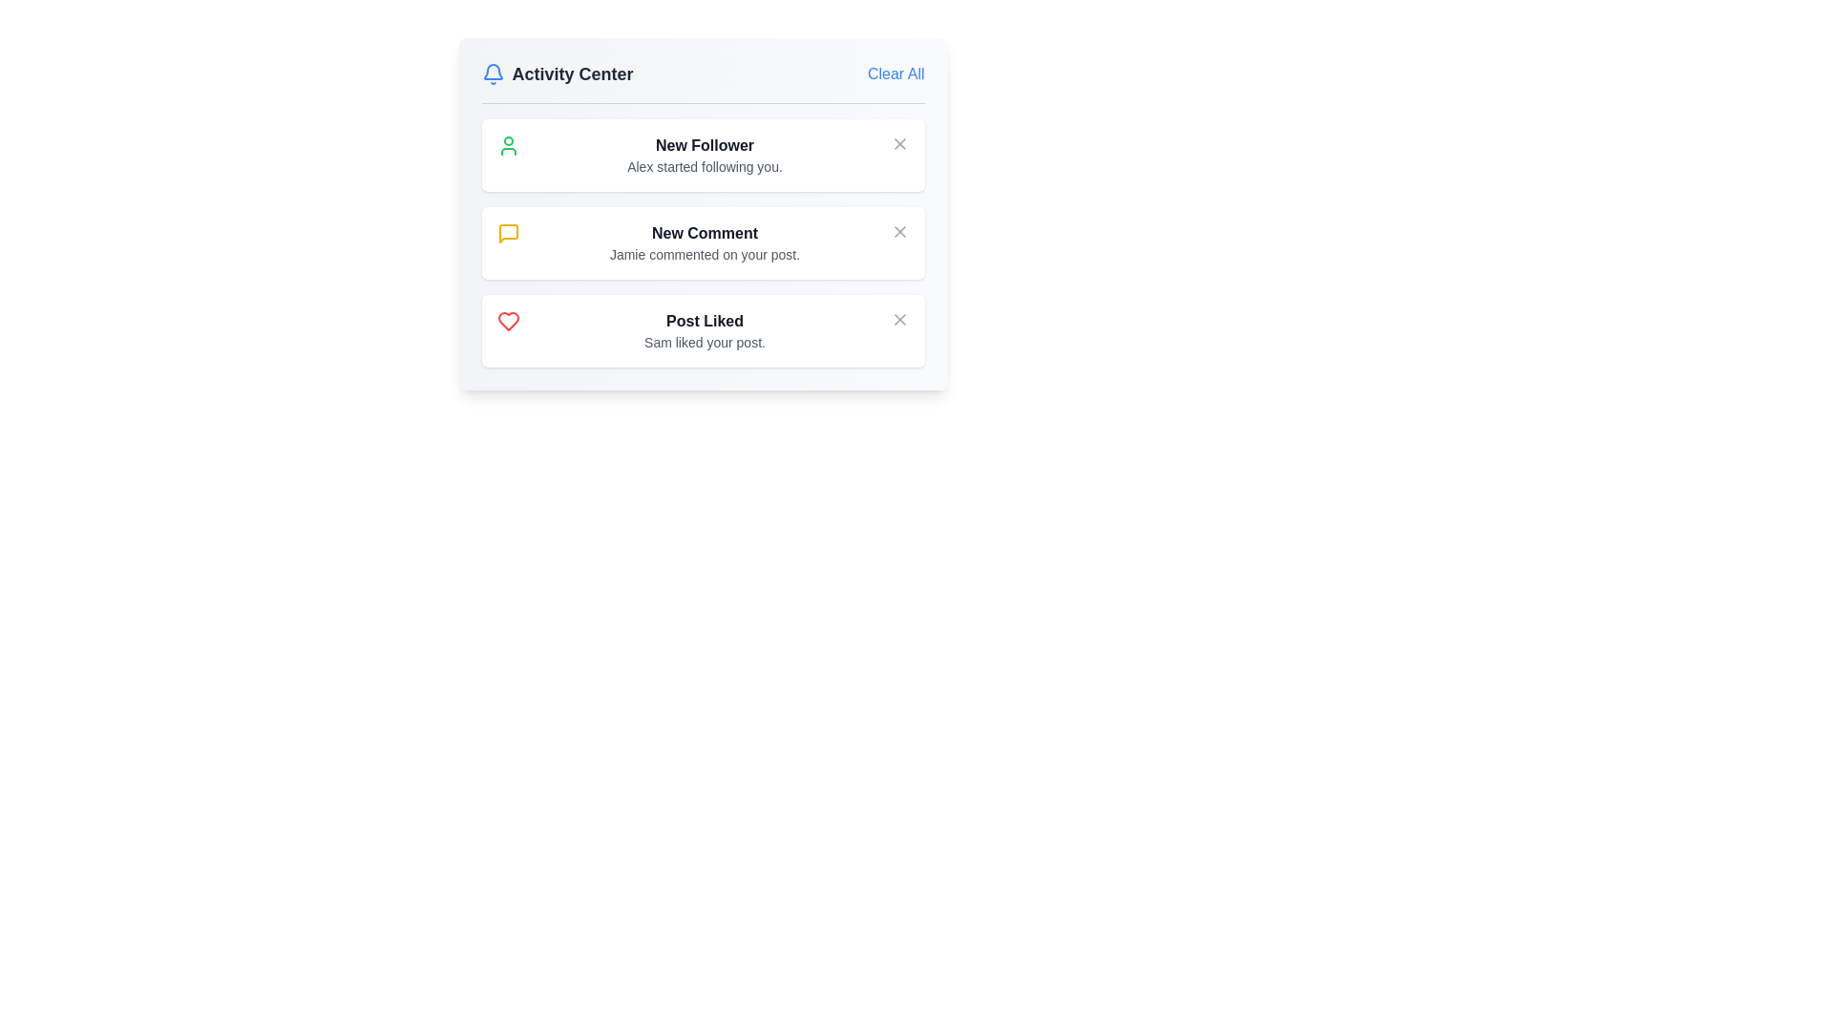  I want to click on the dismiss button for the 'New Comment' notification located in the top-right corner of the second notification entry in the 'Activity Center' panel to change its color, so click(898, 231).